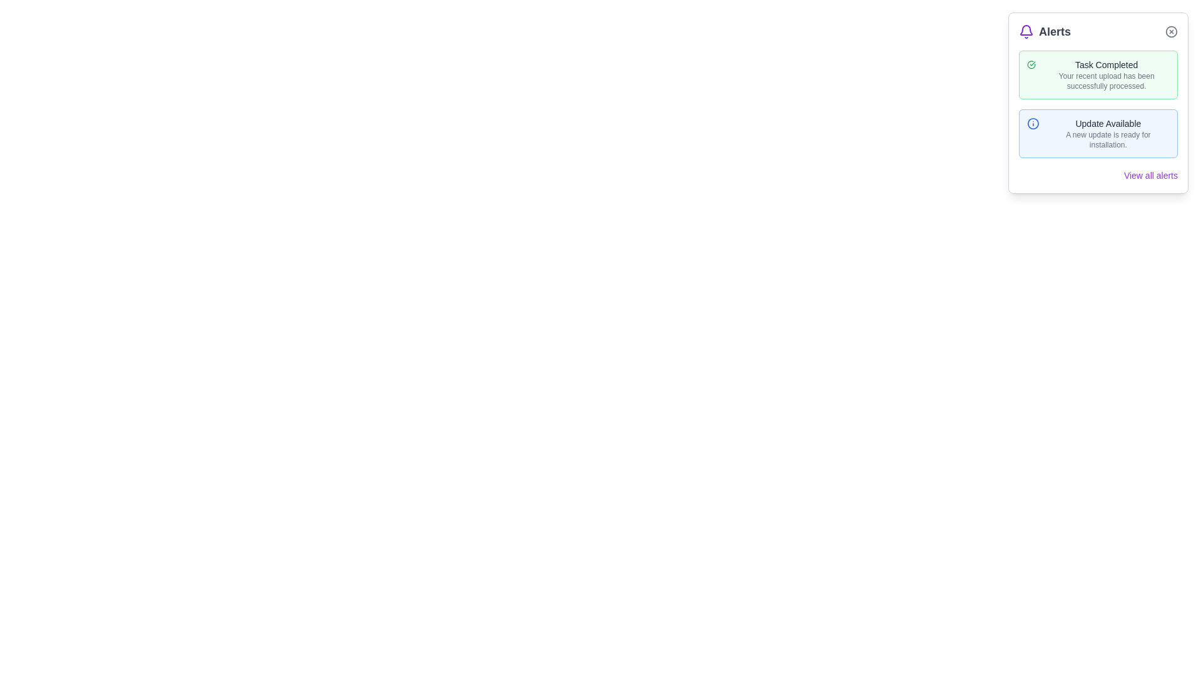 The height and width of the screenshot is (675, 1201). What do you see at coordinates (1031, 65) in the screenshot?
I see `the status represented by the circular green icon with a checkmark, located to the left of the 'Task Completed' text in the notification block` at bounding box center [1031, 65].